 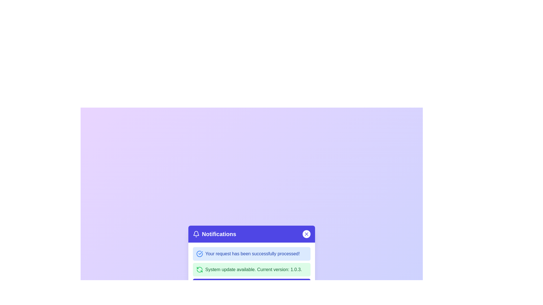 What do you see at coordinates (306, 234) in the screenshot?
I see `the close button located at the top-right corner of the 'Notifications' header bar to observe potential hover effects` at bounding box center [306, 234].